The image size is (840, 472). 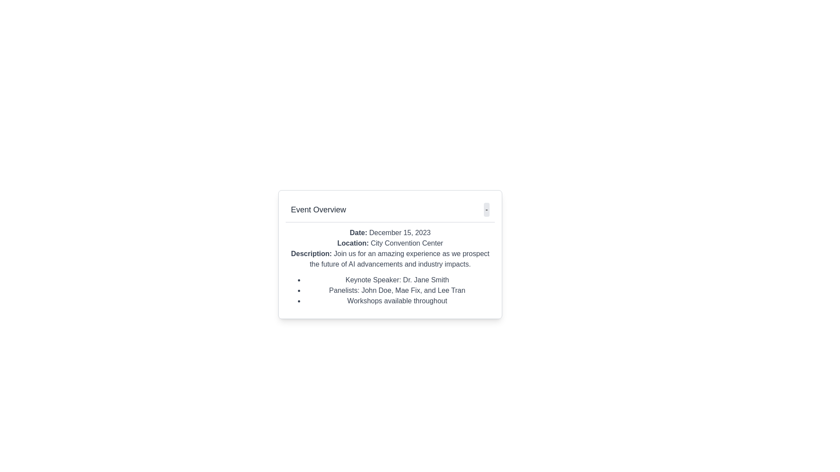 What do you see at coordinates (486, 209) in the screenshot?
I see `the collapse button located at the far right edge of the 'Event Overview' header` at bounding box center [486, 209].